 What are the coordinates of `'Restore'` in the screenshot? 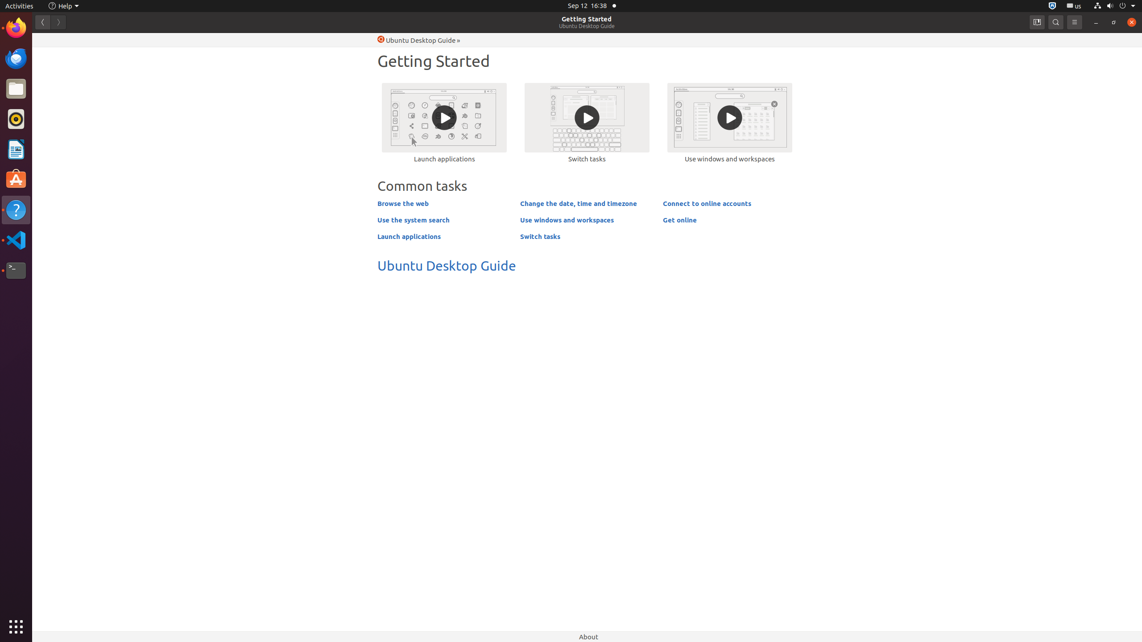 It's located at (1113, 22).